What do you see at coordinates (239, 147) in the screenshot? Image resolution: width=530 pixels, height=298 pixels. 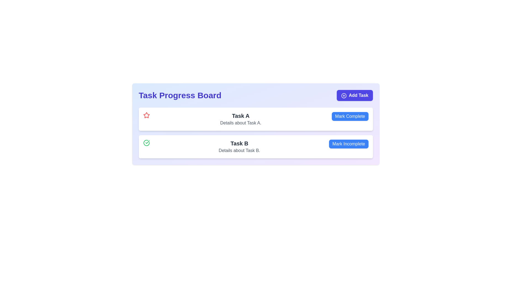 I see `the text block containing the title 'Task B' and the description 'Details about Task B.', which is styled prominently in bold and aligned to the left` at bounding box center [239, 147].